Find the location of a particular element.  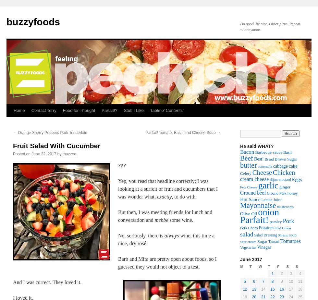

'wine, this time a nice, dry rosé.' is located at coordinates (118, 239).